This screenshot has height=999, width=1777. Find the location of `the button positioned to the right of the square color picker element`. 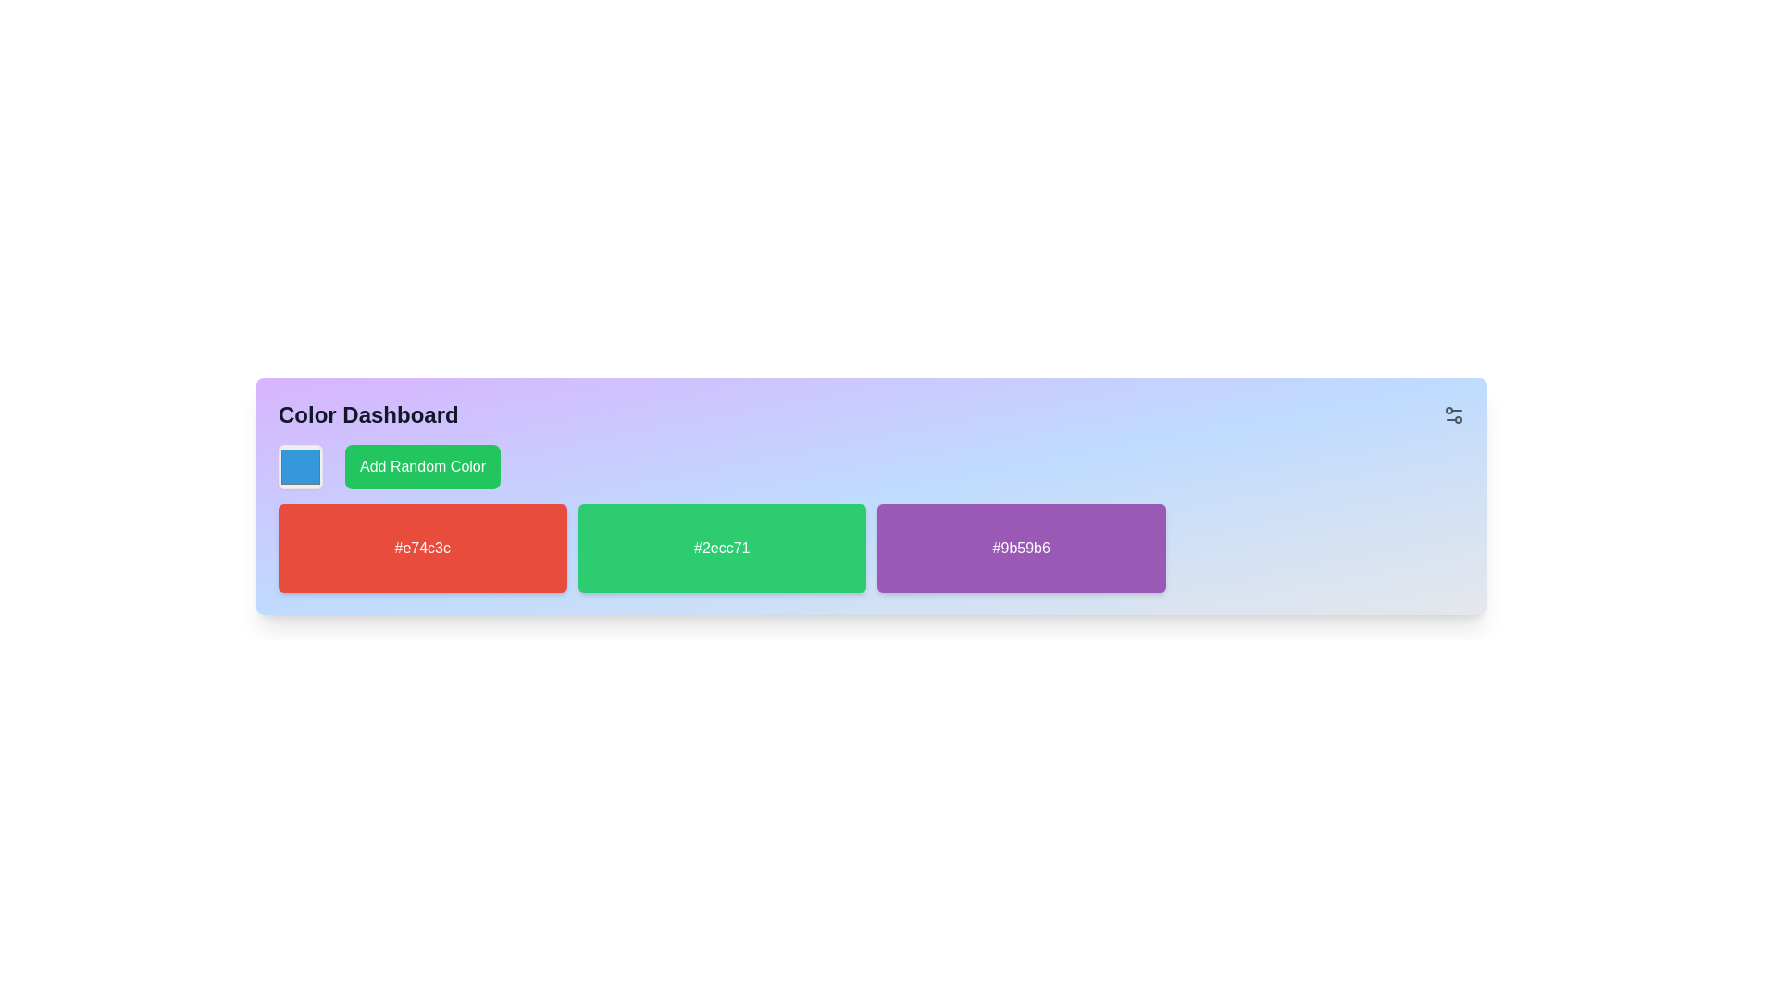

the button positioned to the right of the square color picker element is located at coordinates (421, 466).